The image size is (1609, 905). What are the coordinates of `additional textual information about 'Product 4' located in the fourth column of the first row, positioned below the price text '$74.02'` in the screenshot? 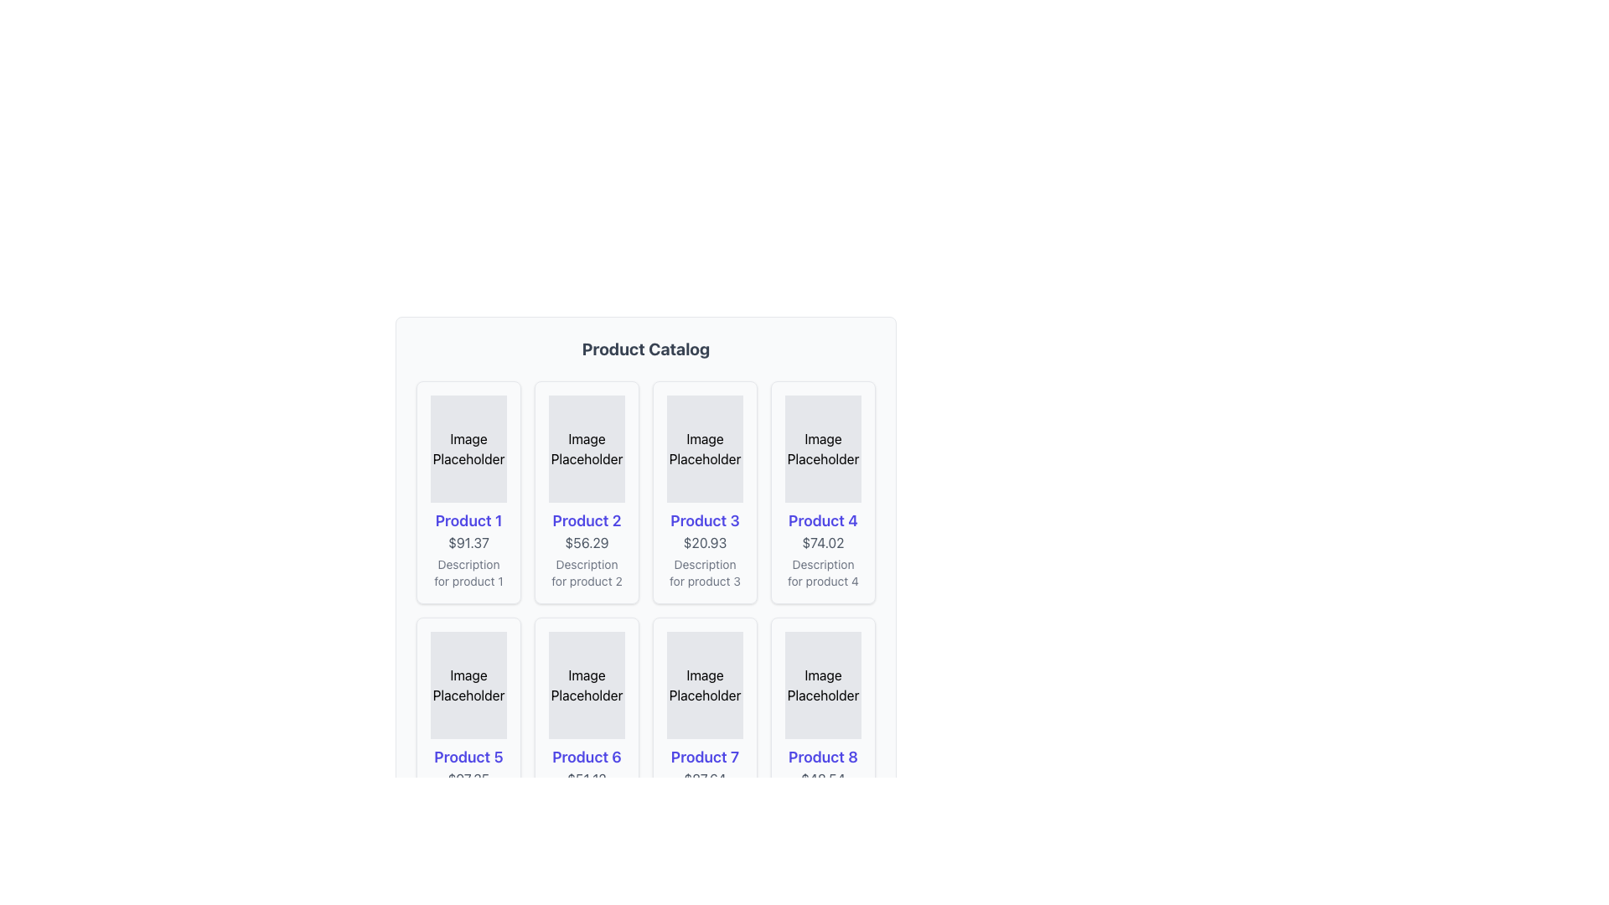 It's located at (823, 571).